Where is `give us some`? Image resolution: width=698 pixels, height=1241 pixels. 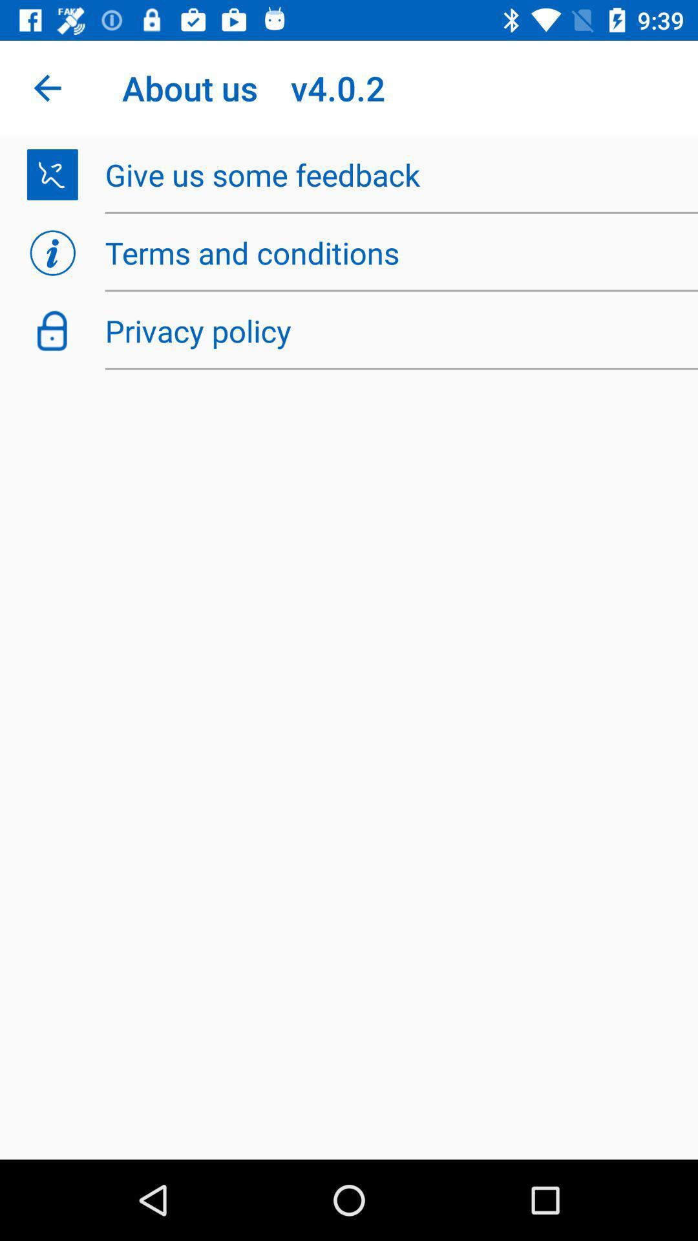 give us some is located at coordinates (394, 174).